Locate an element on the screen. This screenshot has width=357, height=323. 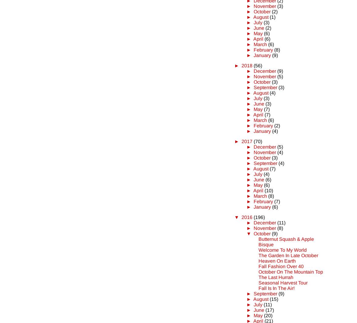
'Heaven On Earth' is located at coordinates (277, 261).